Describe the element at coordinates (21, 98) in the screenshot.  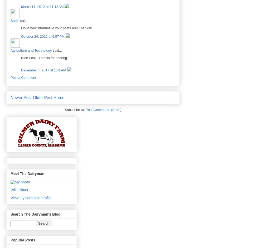
I see `'Newer Post'` at that location.